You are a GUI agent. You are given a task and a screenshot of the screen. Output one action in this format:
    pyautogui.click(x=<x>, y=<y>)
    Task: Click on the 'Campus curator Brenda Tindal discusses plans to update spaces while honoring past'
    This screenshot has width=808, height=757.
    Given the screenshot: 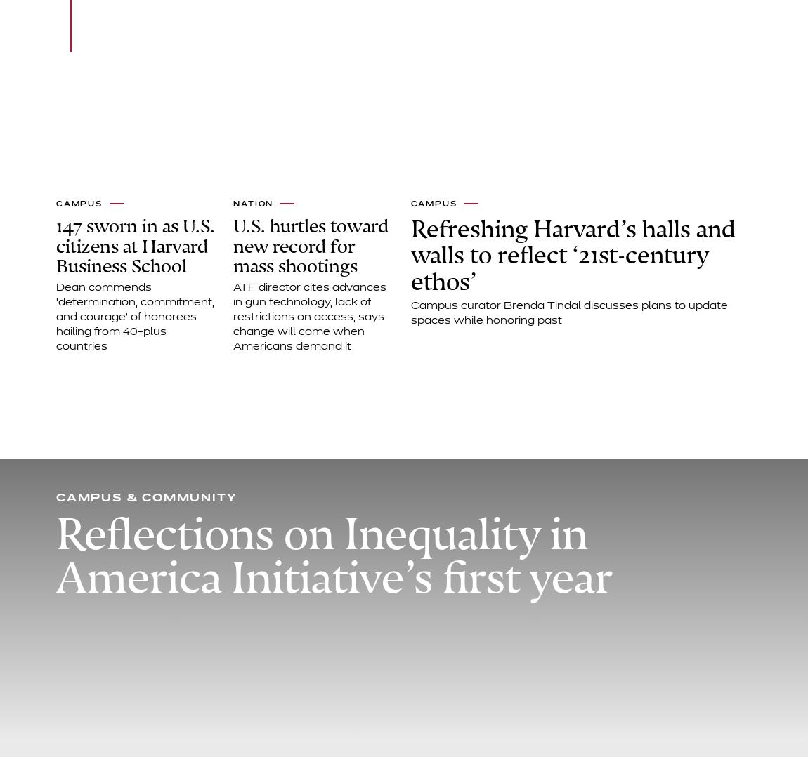 What is the action you would take?
    pyautogui.click(x=409, y=313)
    